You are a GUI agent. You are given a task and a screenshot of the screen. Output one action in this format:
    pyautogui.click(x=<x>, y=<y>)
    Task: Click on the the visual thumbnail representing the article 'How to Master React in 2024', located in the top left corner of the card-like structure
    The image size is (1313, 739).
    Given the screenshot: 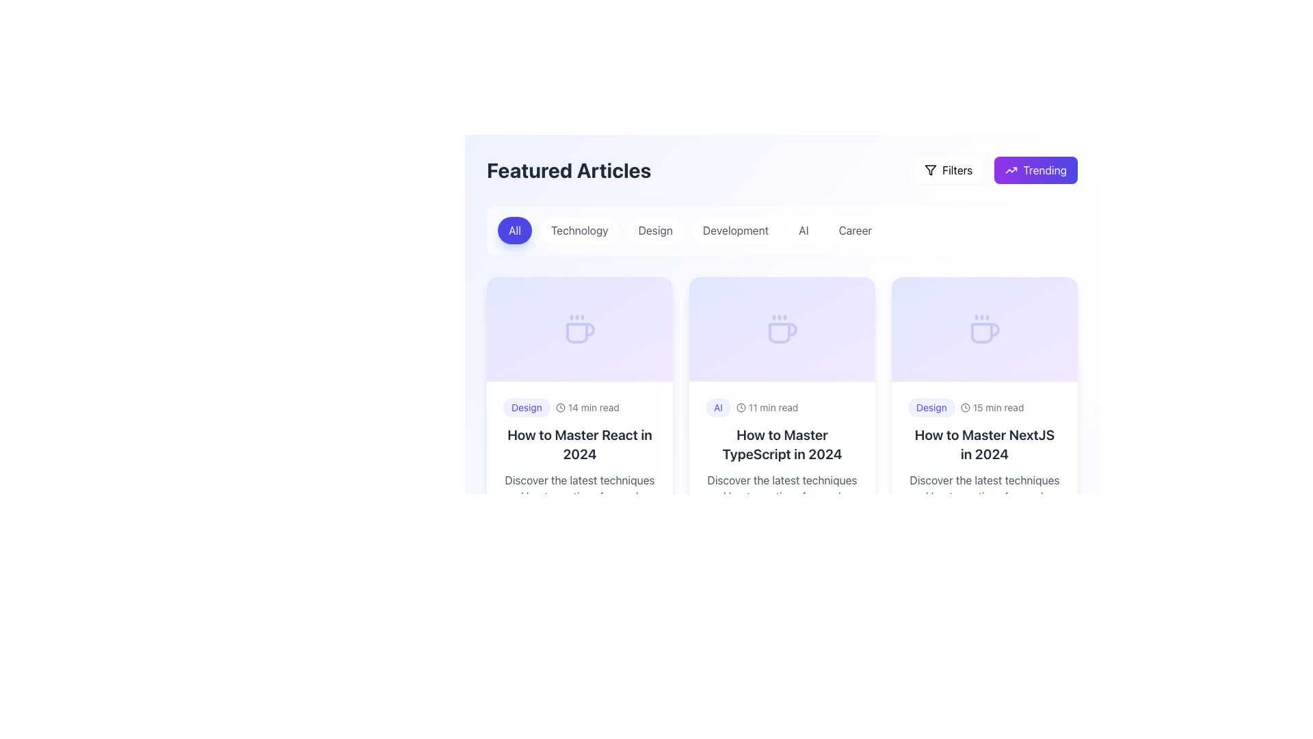 What is the action you would take?
    pyautogui.click(x=580, y=329)
    